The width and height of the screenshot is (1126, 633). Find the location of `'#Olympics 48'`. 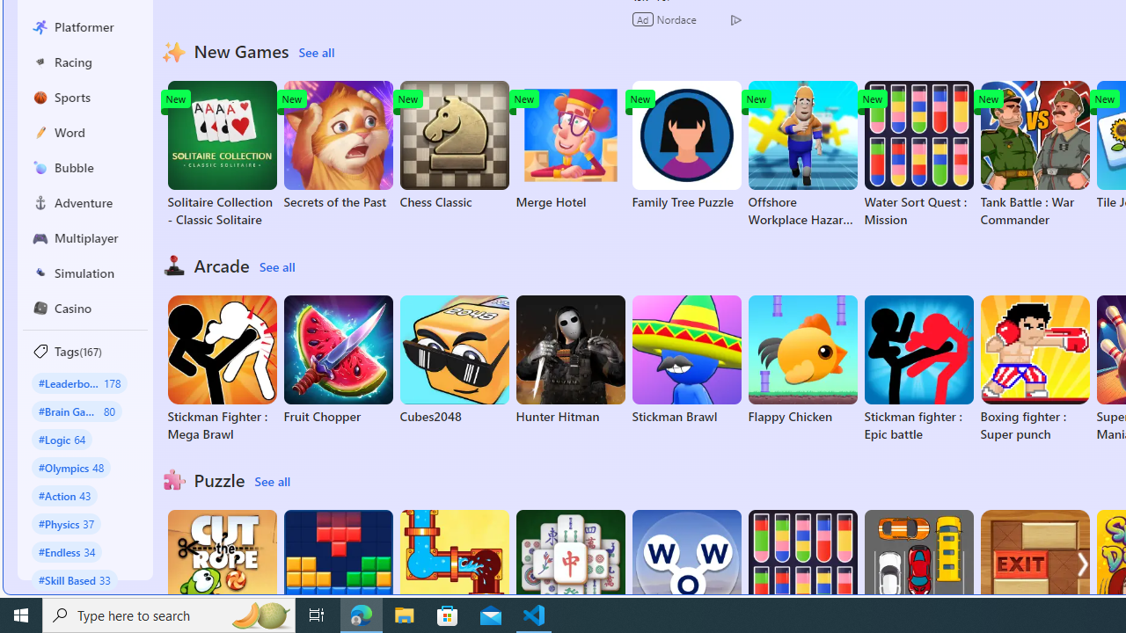

'#Olympics 48' is located at coordinates (70, 466).